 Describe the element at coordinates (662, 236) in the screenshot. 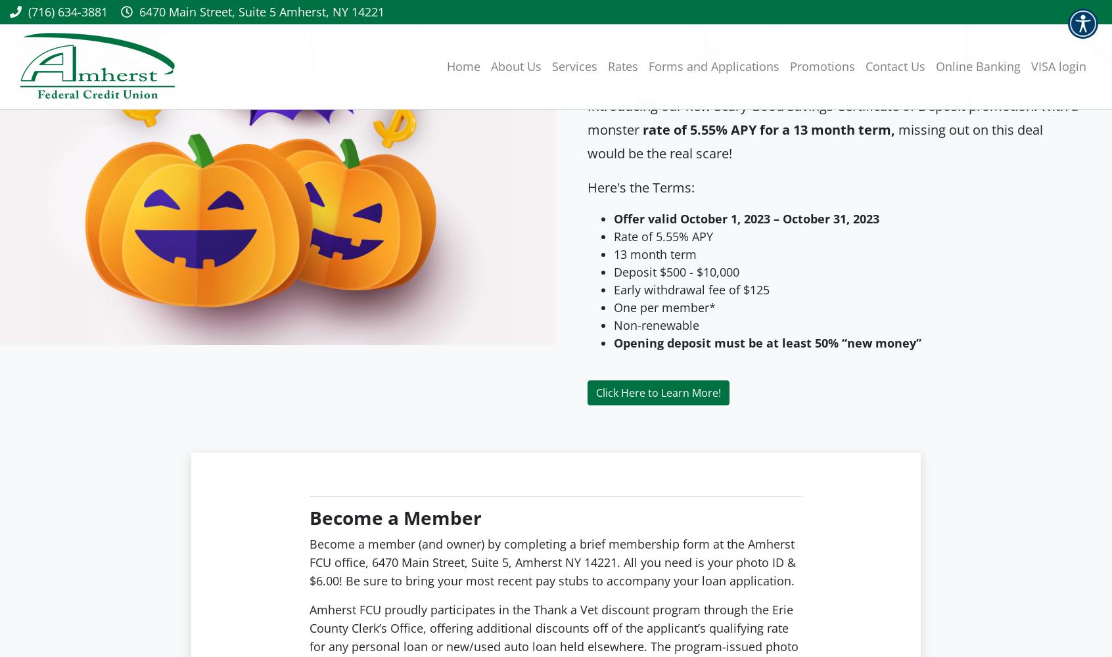

I see `'Rate of 5.55% APY'` at that location.